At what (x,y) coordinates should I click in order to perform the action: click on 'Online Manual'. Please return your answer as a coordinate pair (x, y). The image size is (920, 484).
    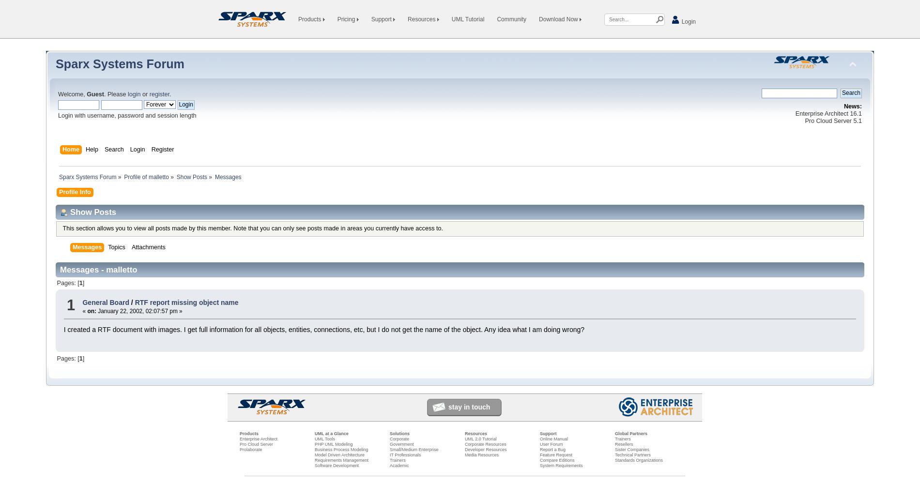
    Looking at the image, I should click on (553, 439).